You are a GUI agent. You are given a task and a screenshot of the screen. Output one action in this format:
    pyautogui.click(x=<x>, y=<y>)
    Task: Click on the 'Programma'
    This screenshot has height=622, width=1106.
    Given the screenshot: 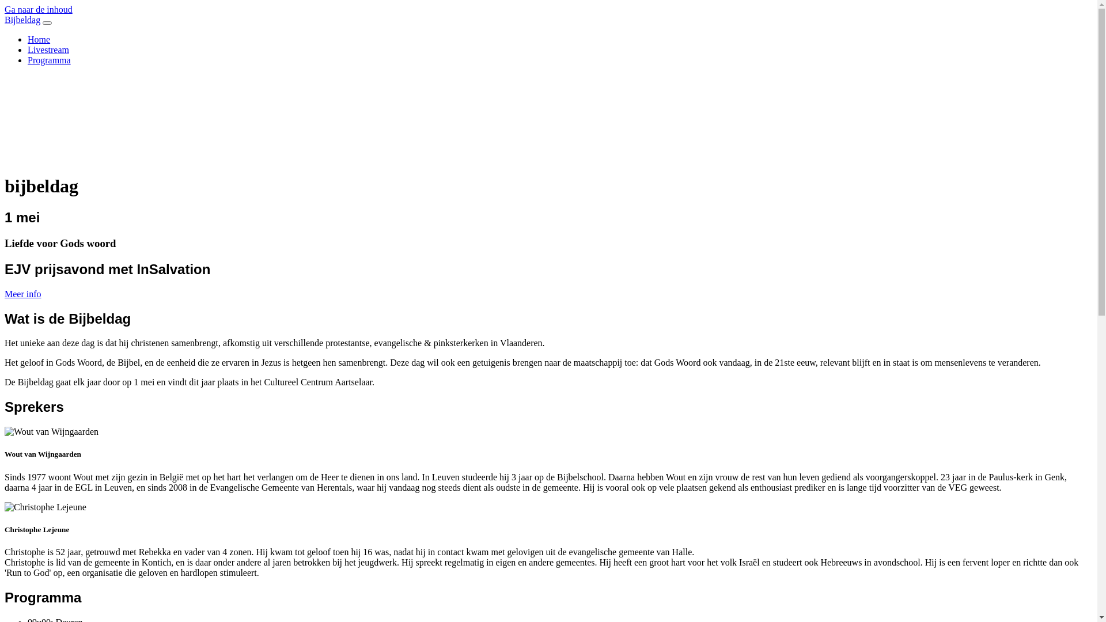 What is the action you would take?
    pyautogui.click(x=48, y=60)
    